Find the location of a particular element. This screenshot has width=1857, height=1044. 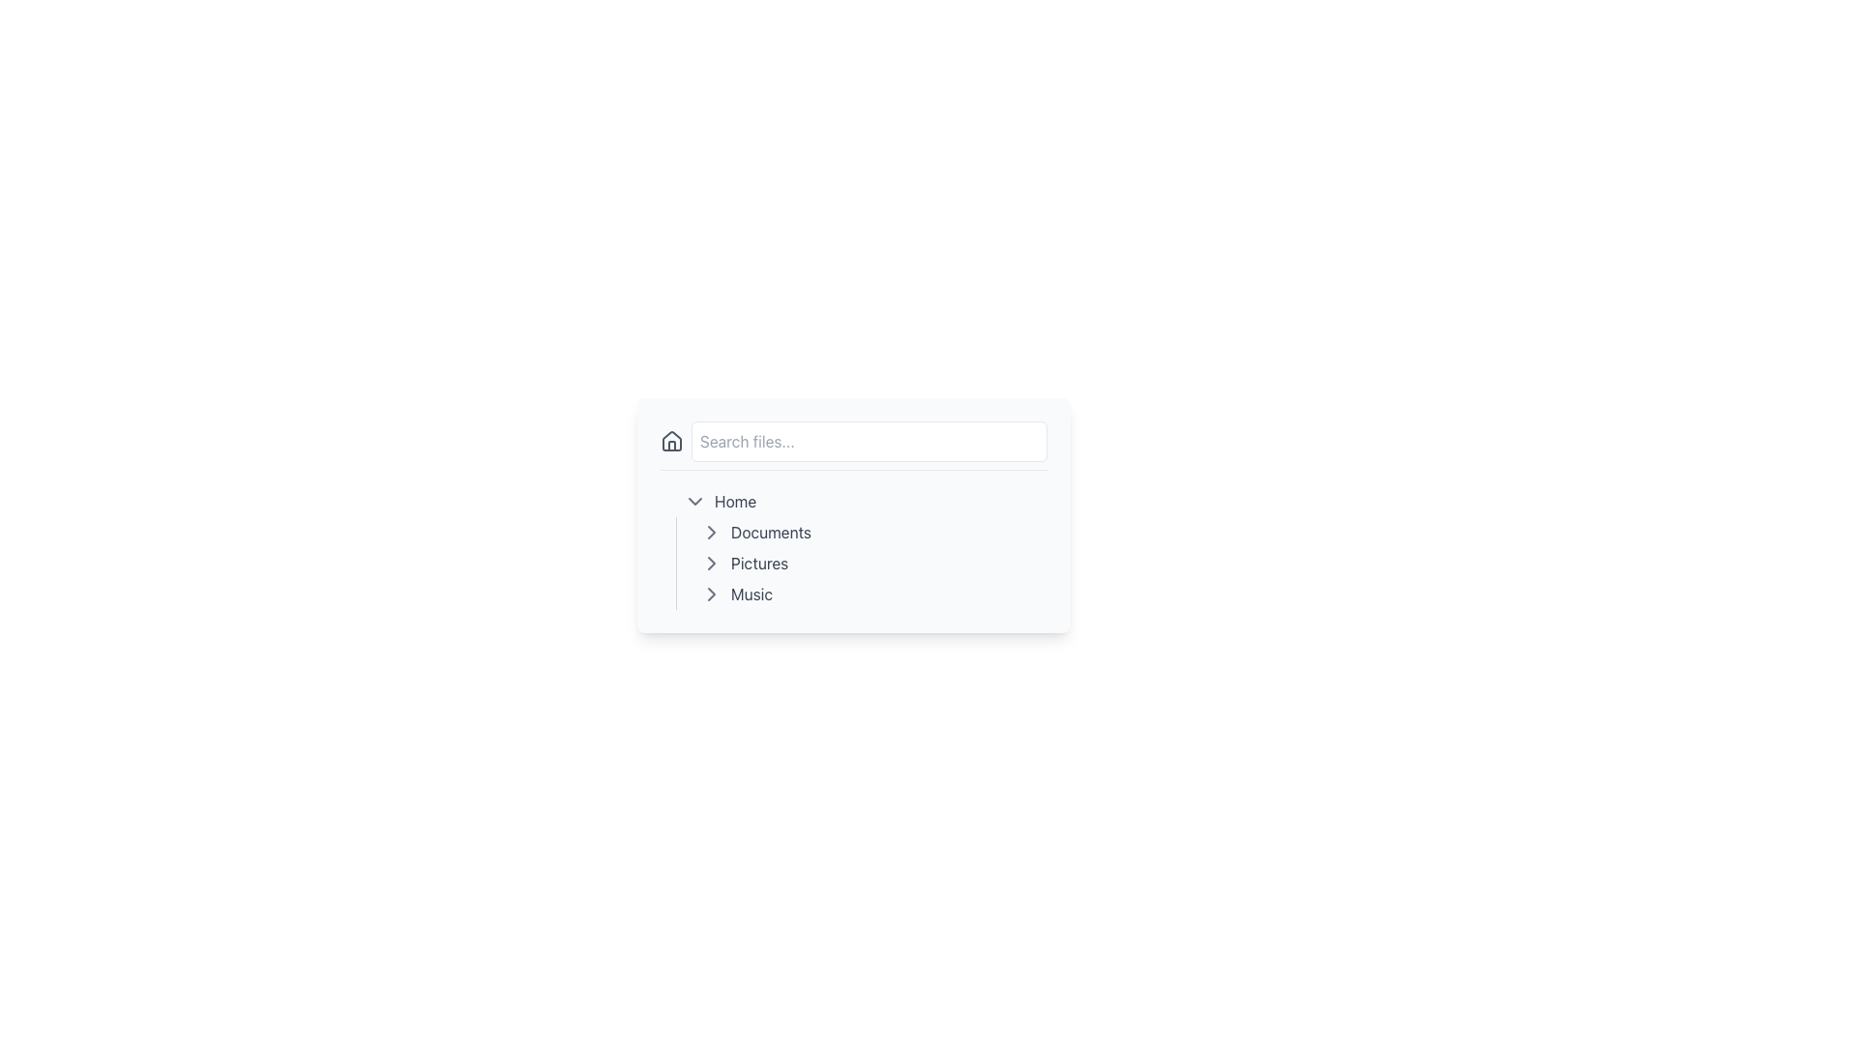

the static text label denoting the 'Pictures' category in the file navigation system, which is located beneath 'Documents' and above 'Music' is located at coordinates (758, 563).